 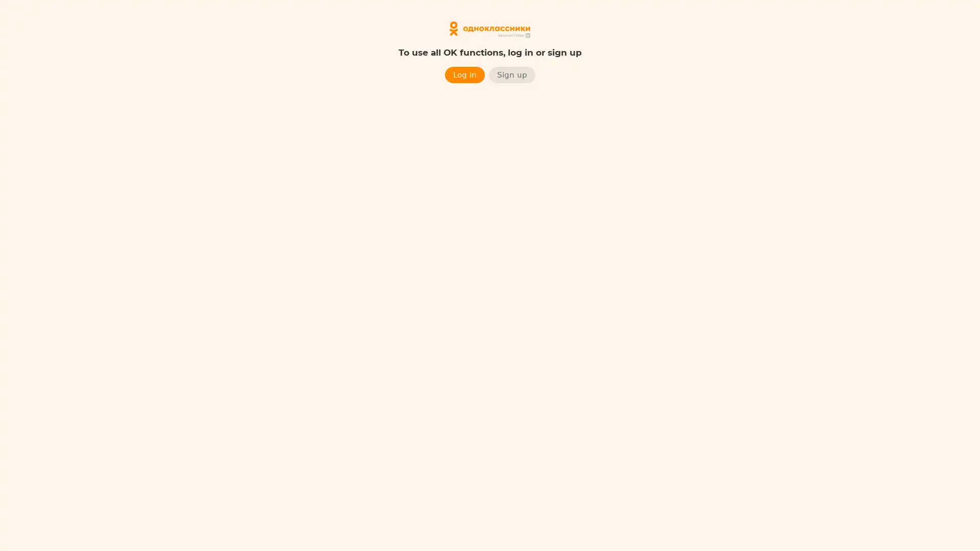 I want to click on Sign up, so click(x=511, y=74).